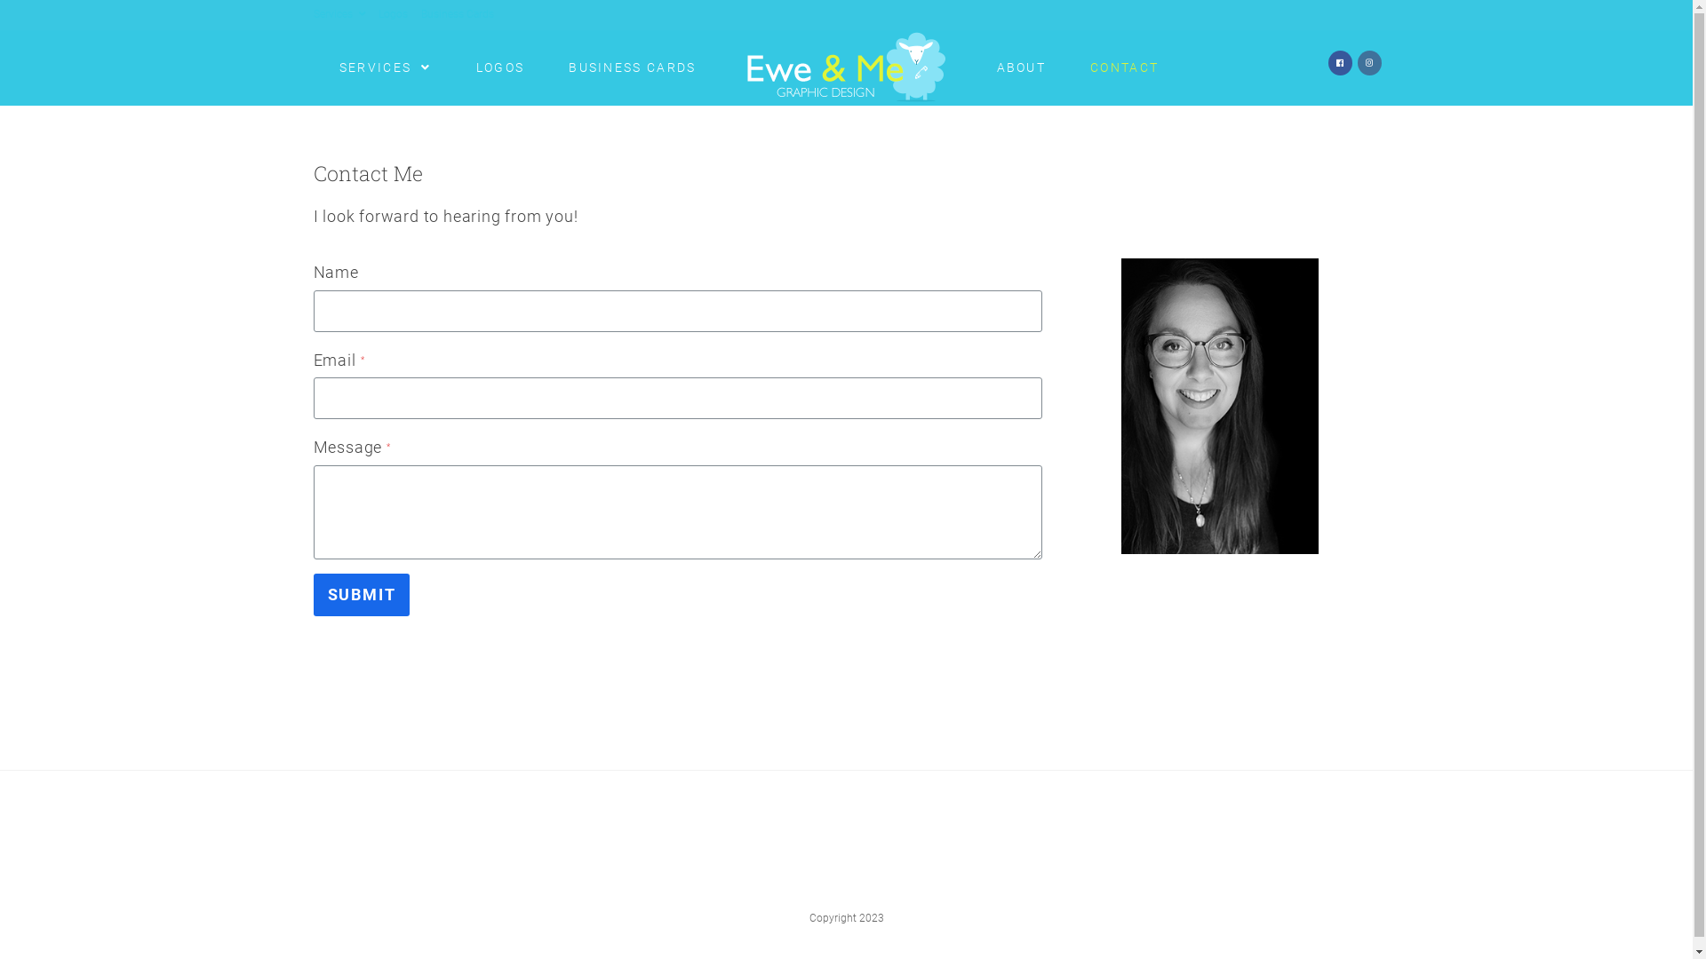 The height and width of the screenshot is (959, 1706). I want to click on 'SERVICES', so click(384, 67).